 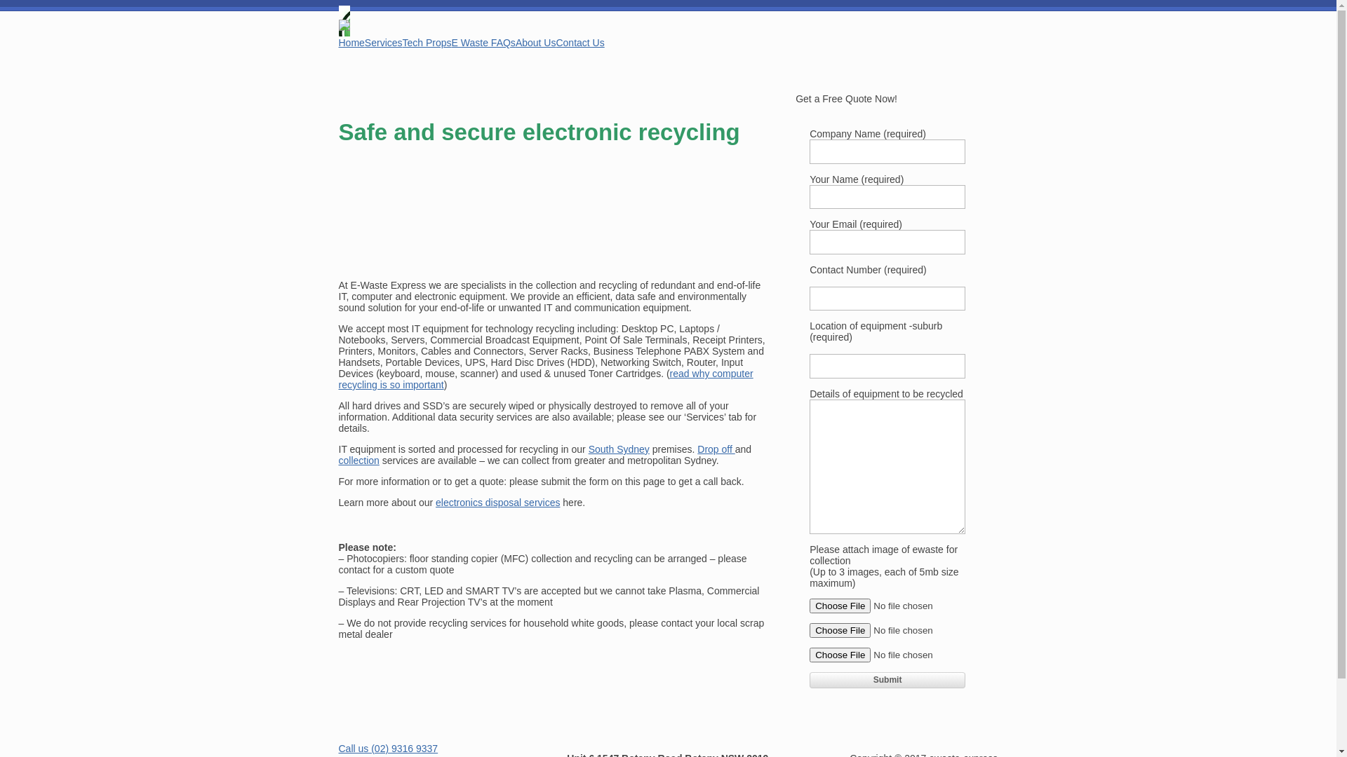 What do you see at coordinates (387, 748) in the screenshot?
I see `'Call us (02) 9316 9337'` at bounding box center [387, 748].